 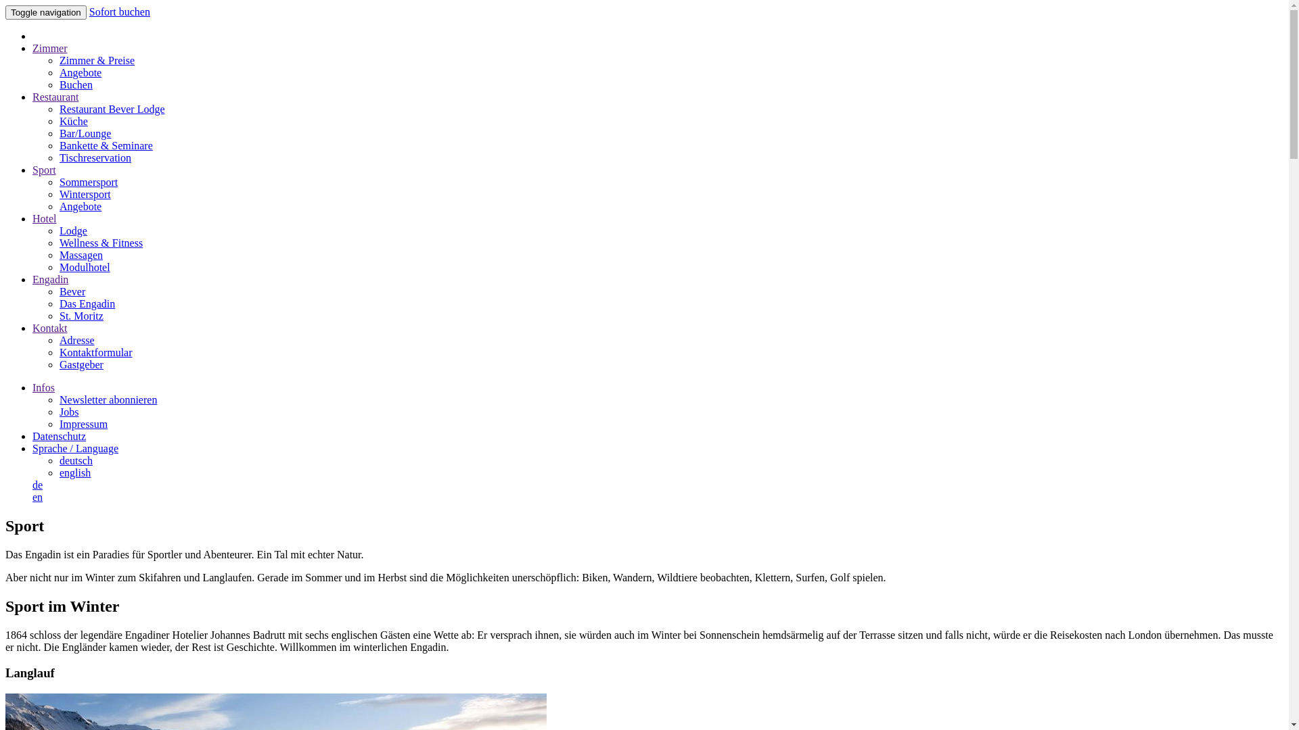 What do you see at coordinates (72, 230) in the screenshot?
I see `'Lodge'` at bounding box center [72, 230].